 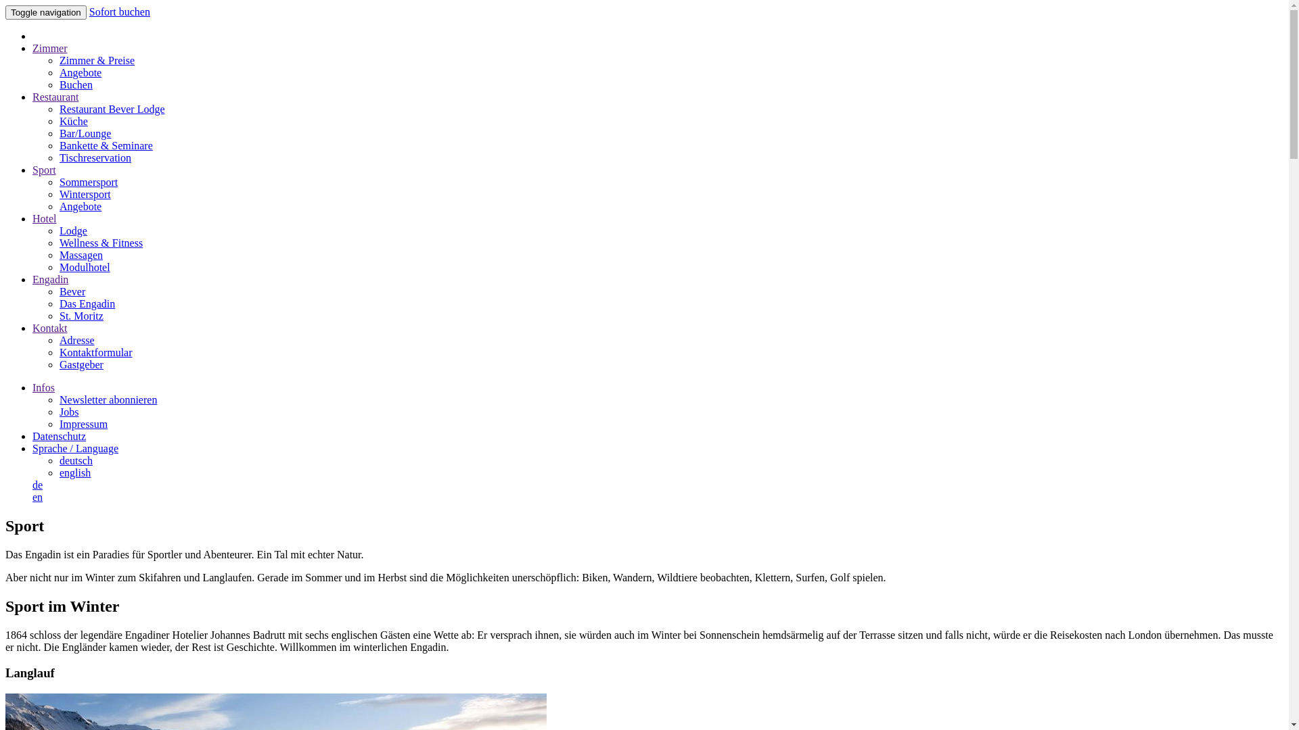 What do you see at coordinates (72, 230) in the screenshot?
I see `'Lodge'` at bounding box center [72, 230].